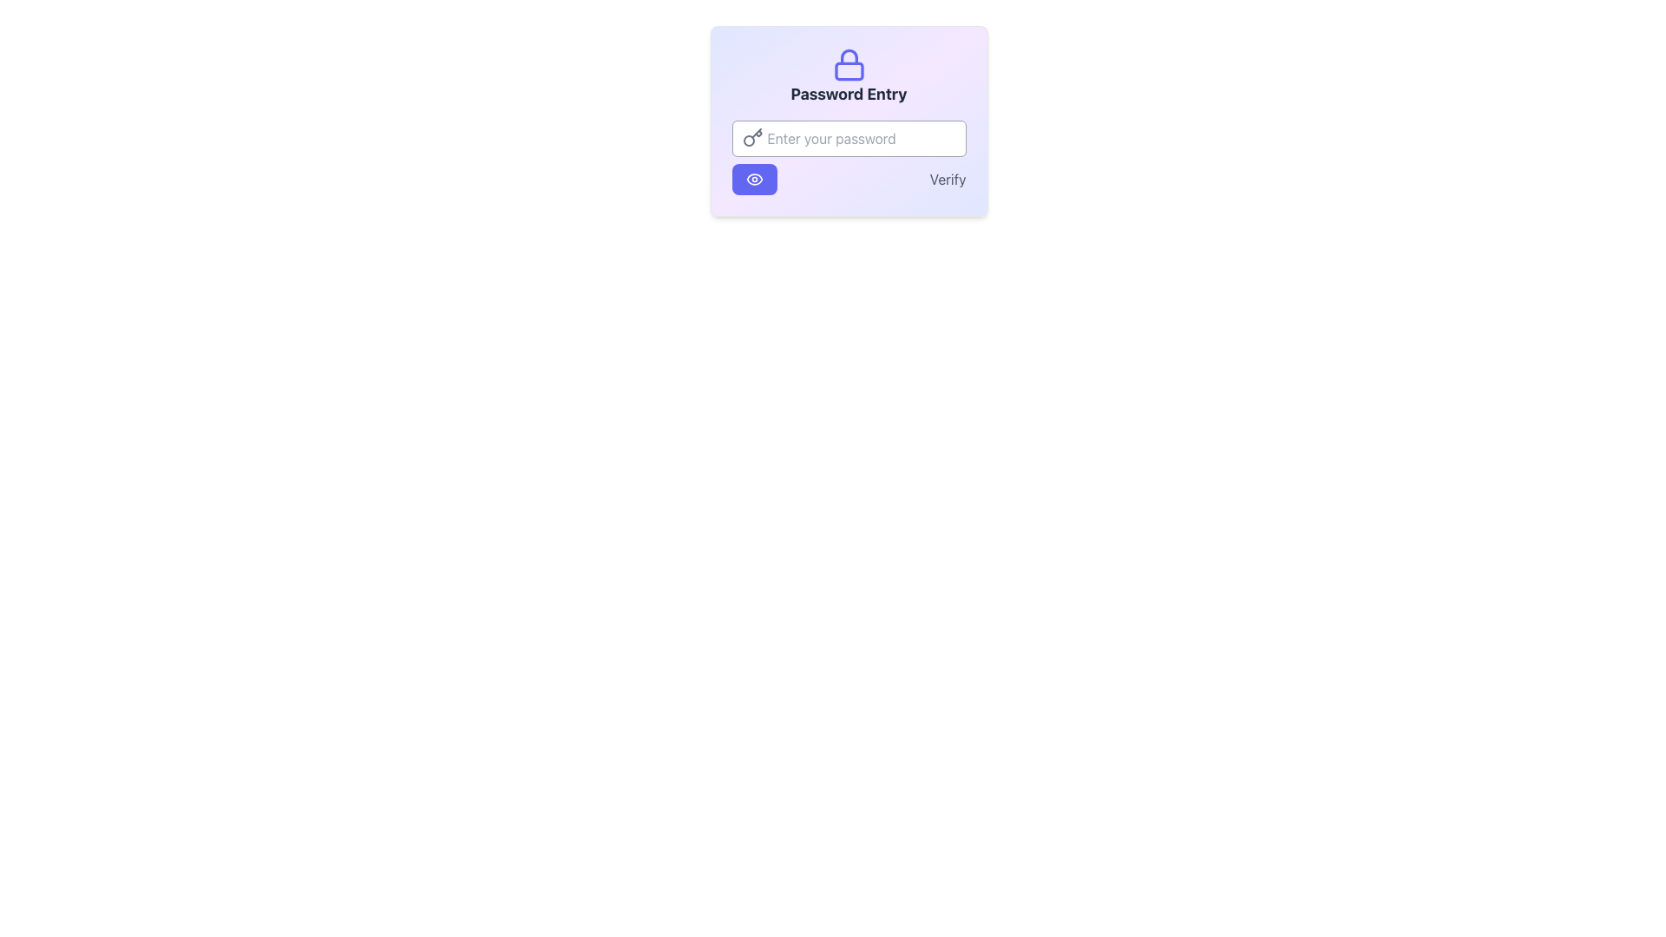 This screenshot has width=1666, height=937. What do you see at coordinates (946, 180) in the screenshot?
I see `the confirmation button located at the bottom-right corner of the login dialog box` at bounding box center [946, 180].